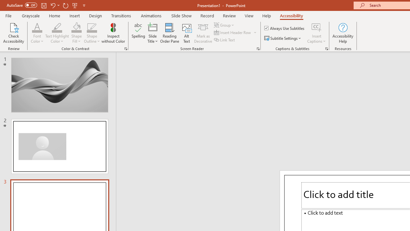 The width and height of the screenshot is (410, 231). Describe the element at coordinates (152, 27) in the screenshot. I see `'Slide Title'` at that location.